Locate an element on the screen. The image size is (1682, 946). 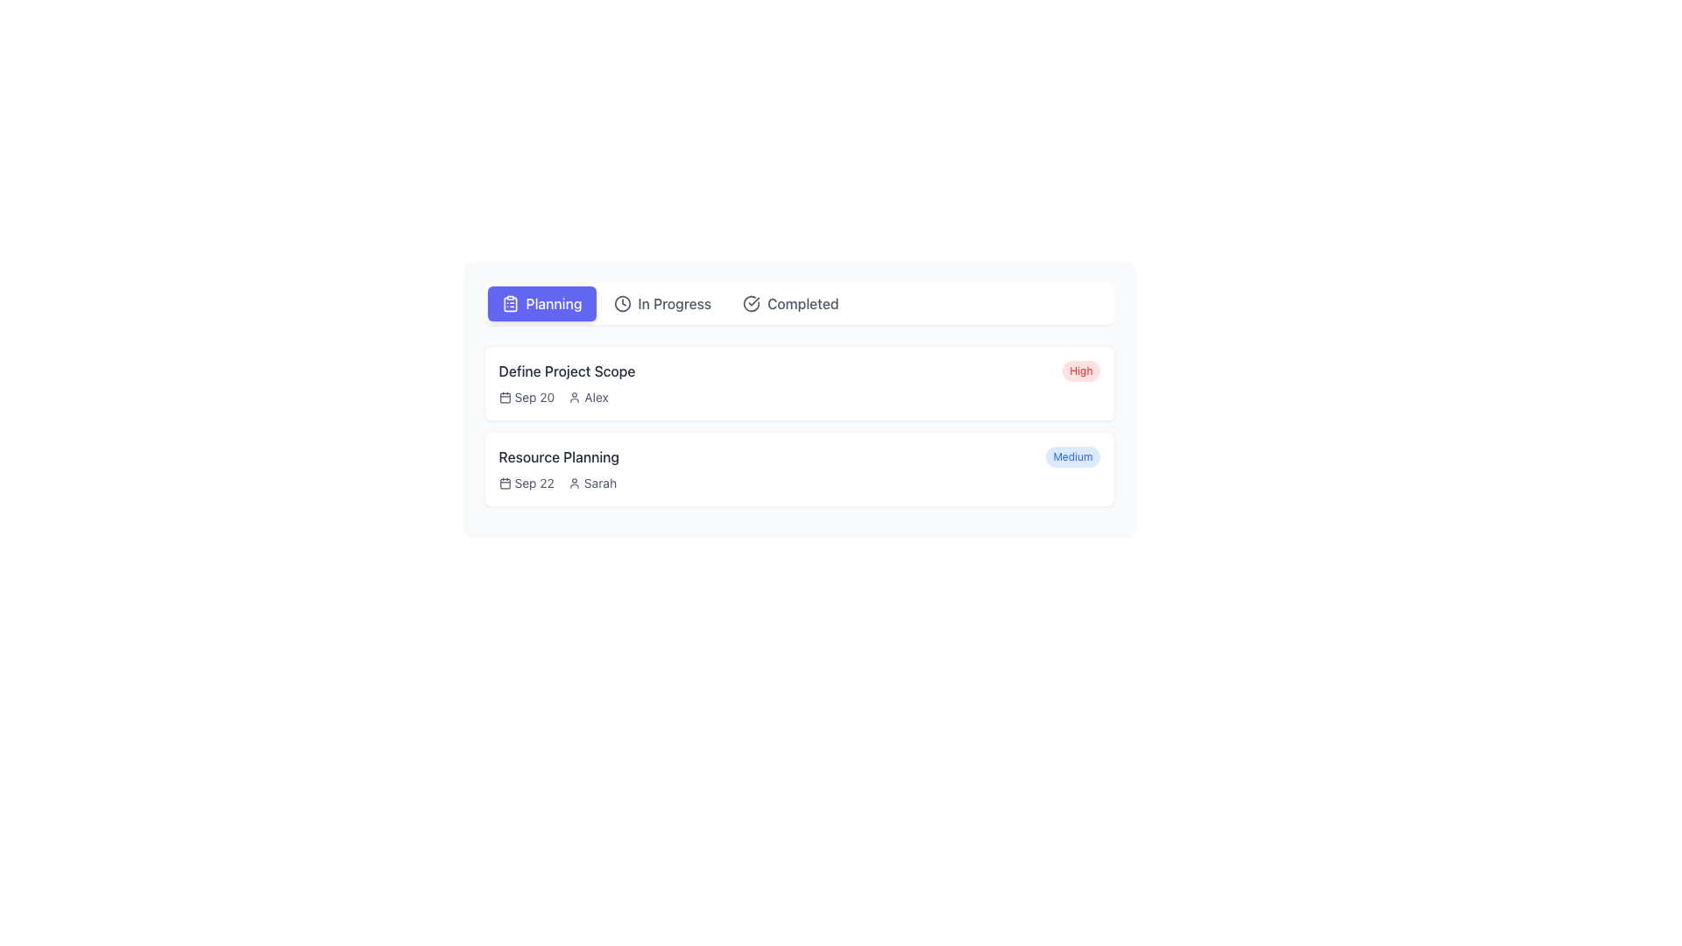
date information displayed on the Label with icon next to the calendar icon in the 'Define Project Scope' card, preceding the username 'Alex' is located at coordinates (526, 398).